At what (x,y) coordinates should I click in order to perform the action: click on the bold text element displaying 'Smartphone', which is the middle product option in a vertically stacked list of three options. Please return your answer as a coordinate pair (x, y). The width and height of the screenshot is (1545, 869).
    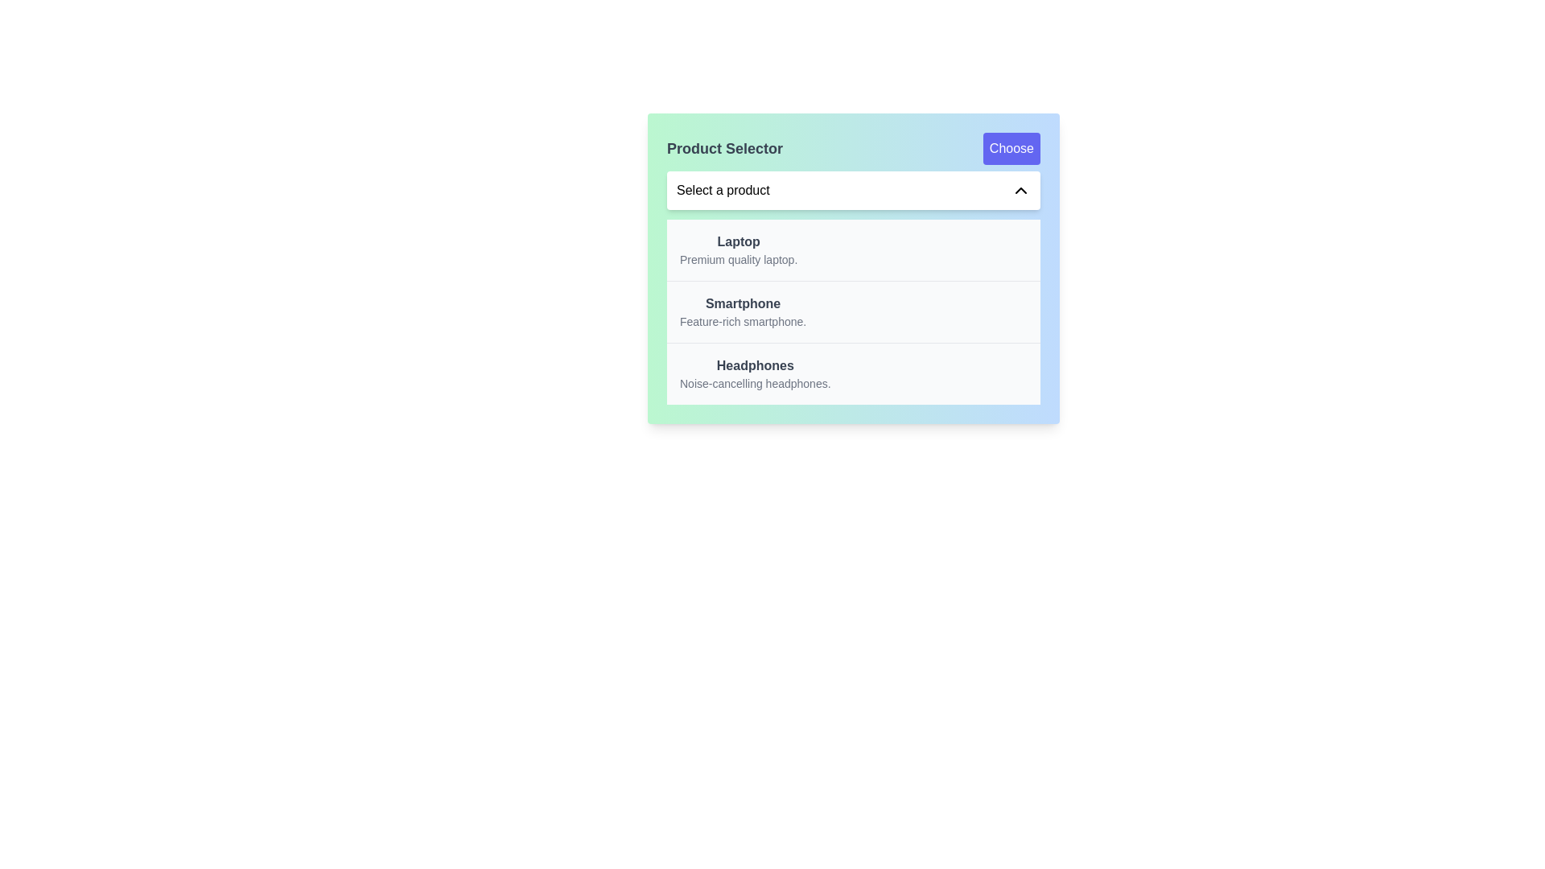
    Looking at the image, I should click on (742, 304).